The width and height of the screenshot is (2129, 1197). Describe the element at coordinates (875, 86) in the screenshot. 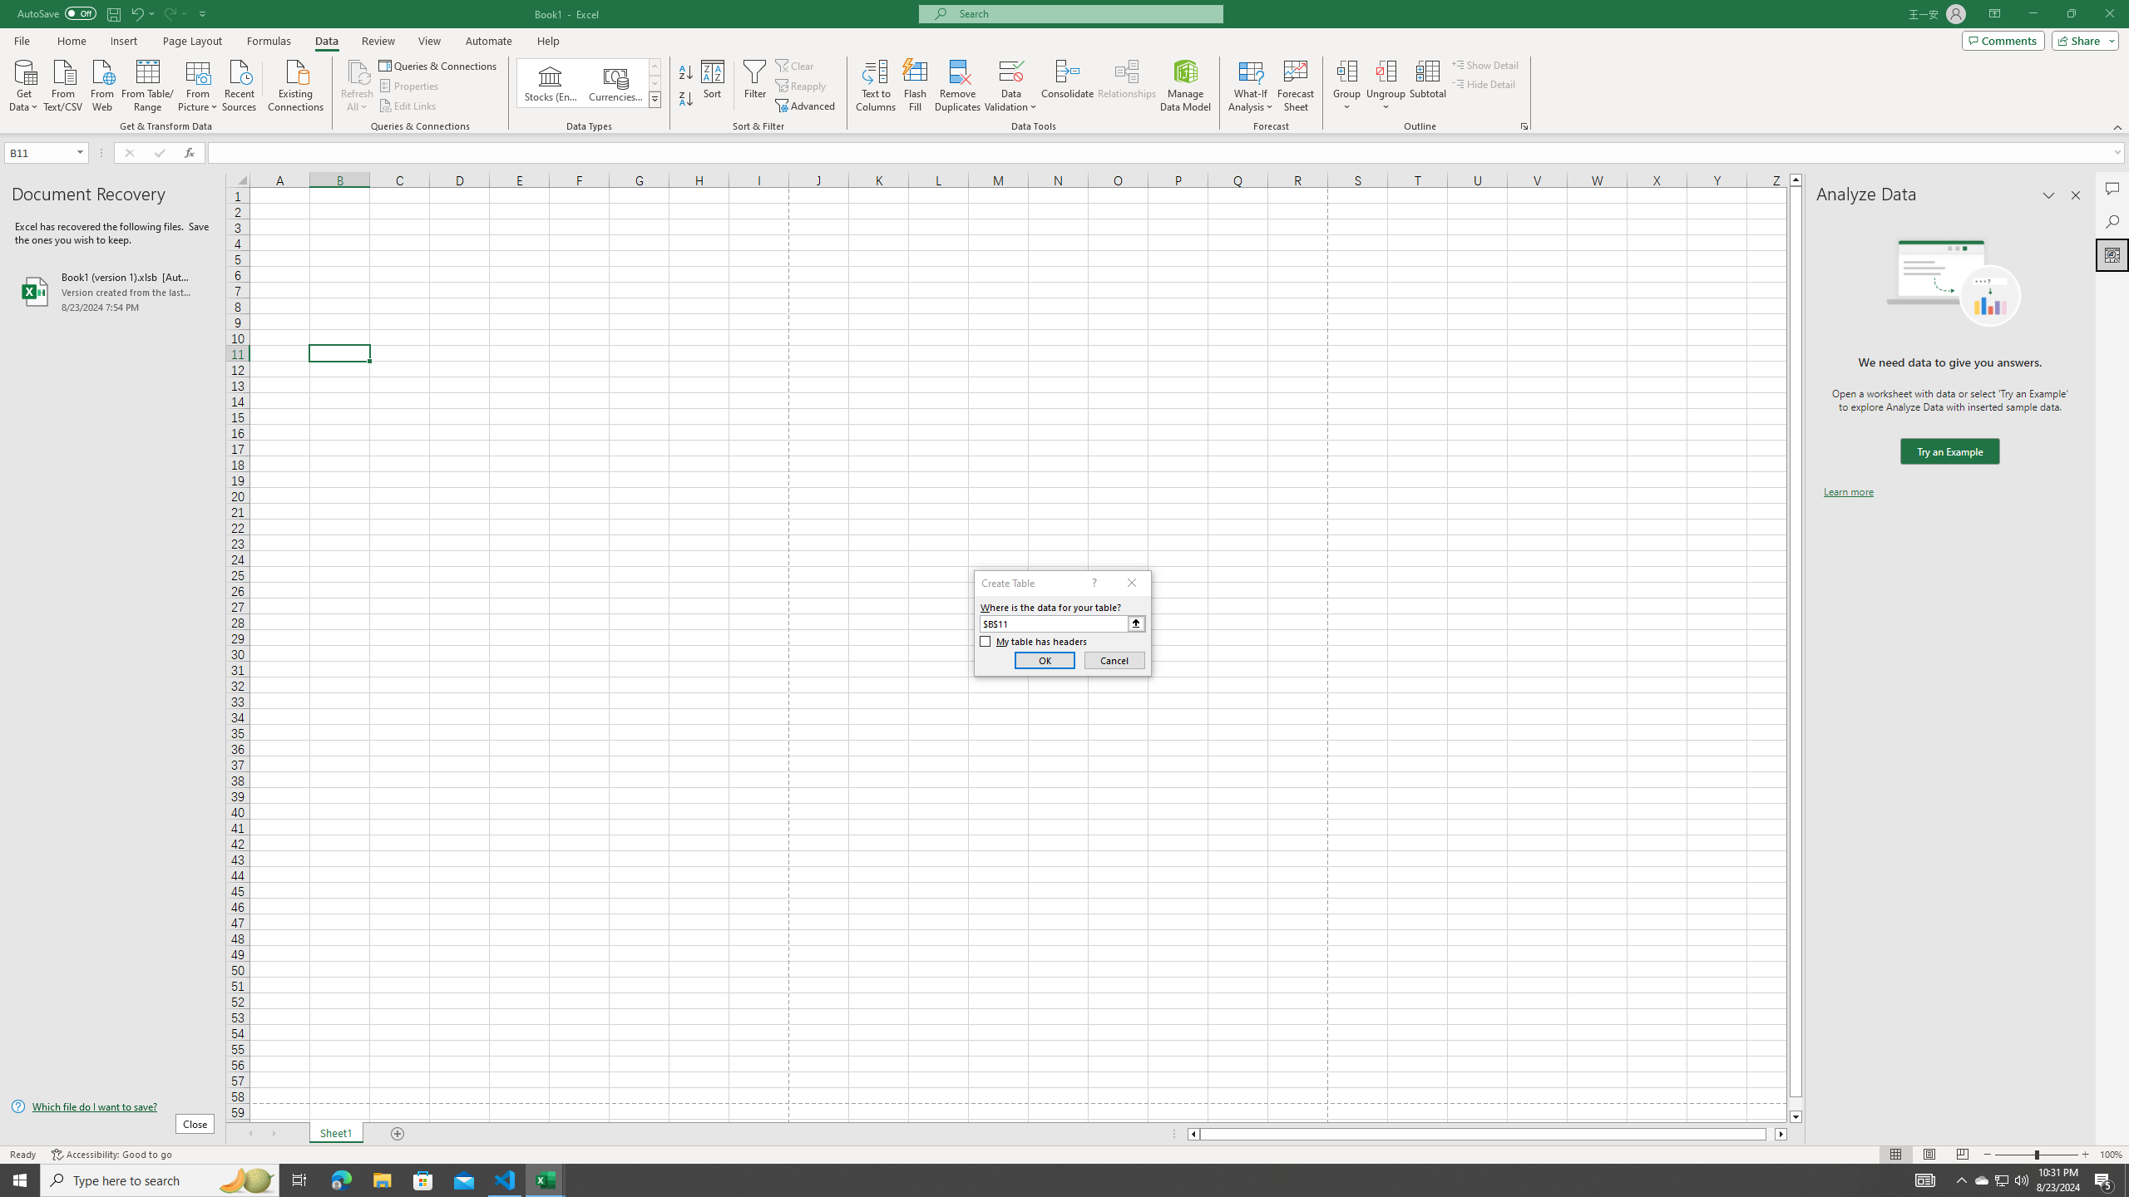

I see `'Text to Columns...'` at that location.